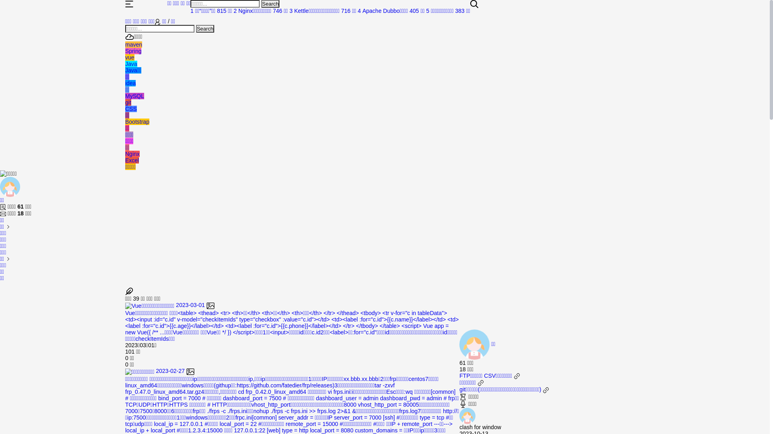  Describe the element at coordinates (125, 102) in the screenshot. I see `'git'` at that location.